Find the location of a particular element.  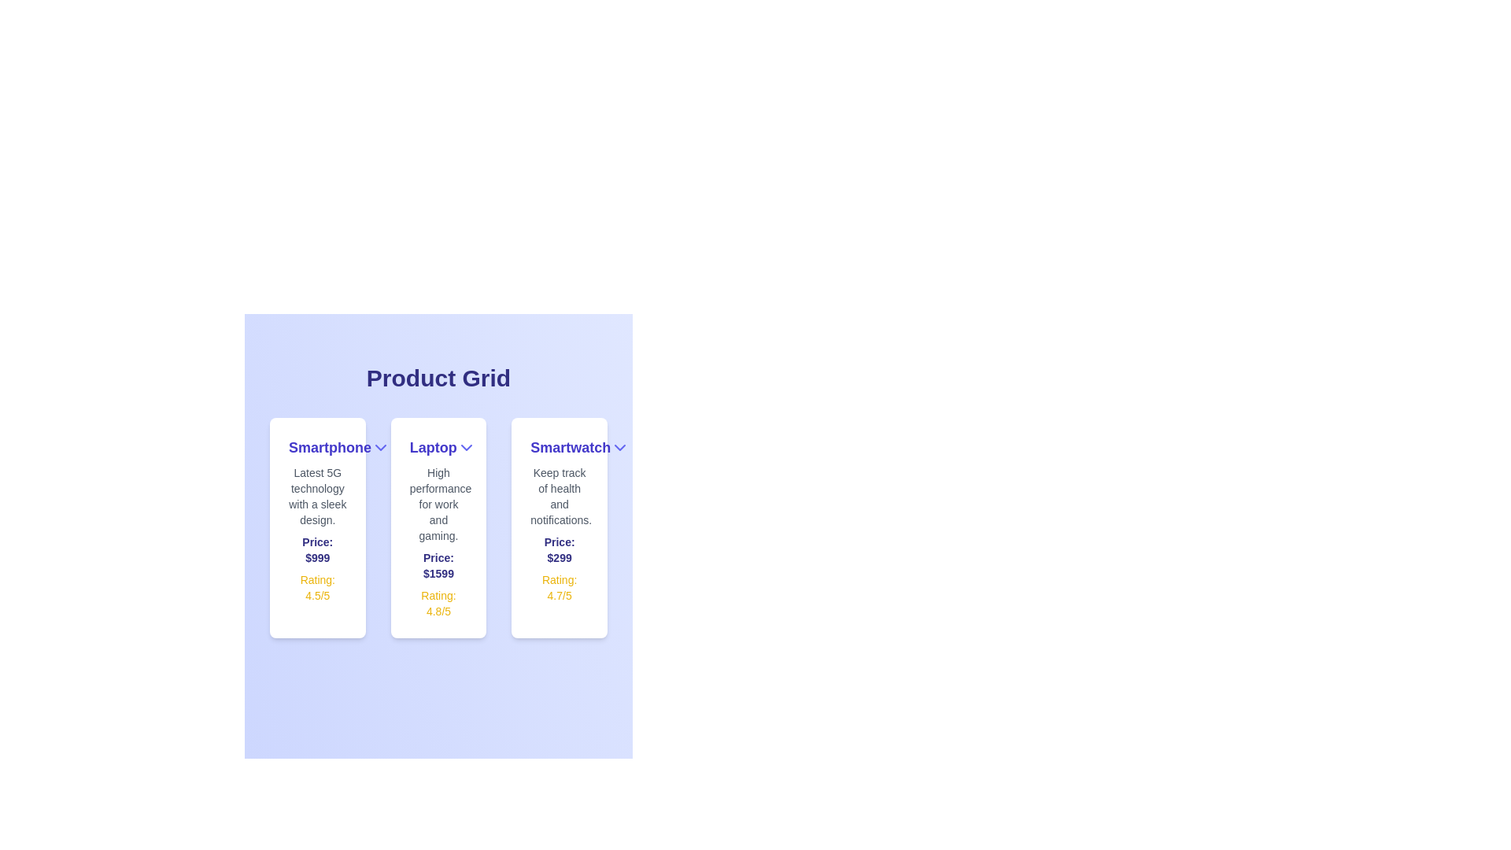

the Dropdown toggle icon located to the right of the 'Smartphone' label in the first card of the product grid is located at coordinates (381, 448).